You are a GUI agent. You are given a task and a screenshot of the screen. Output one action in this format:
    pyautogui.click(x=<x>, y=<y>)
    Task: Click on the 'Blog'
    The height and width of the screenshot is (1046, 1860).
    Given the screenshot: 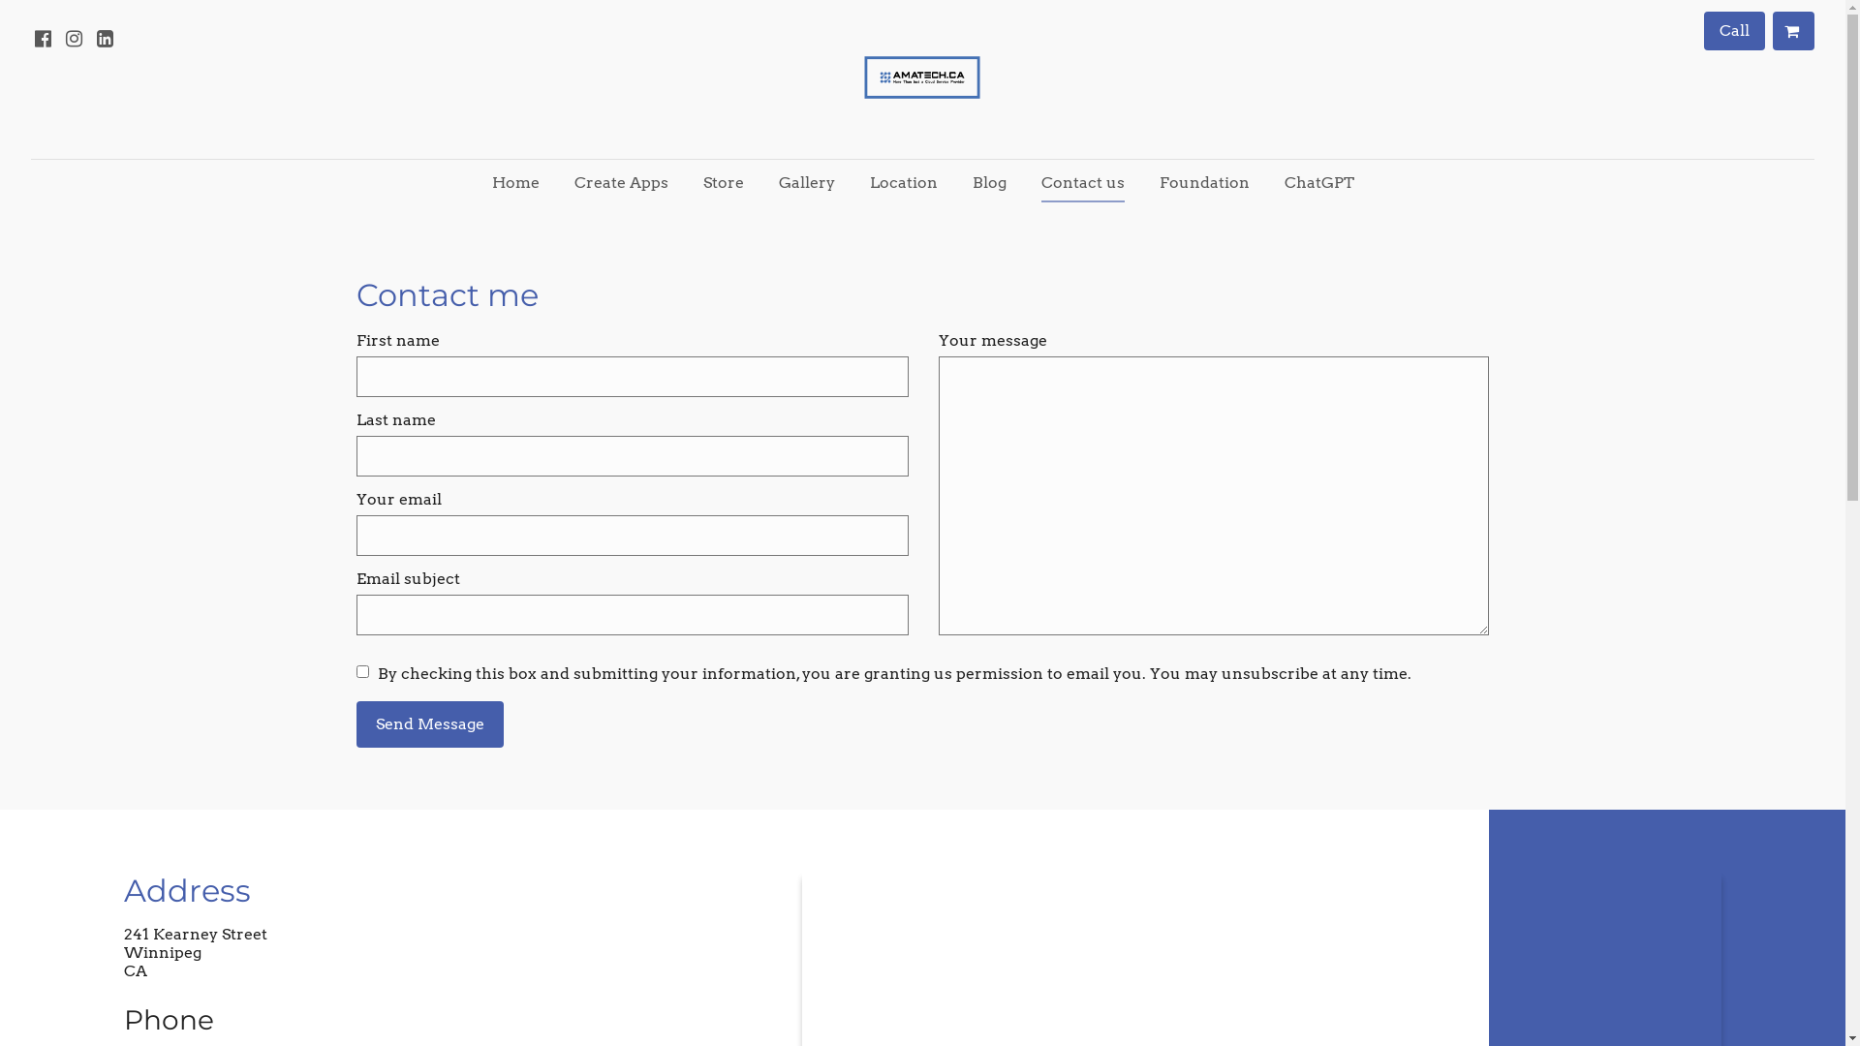 What is the action you would take?
    pyautogui.click(x=989, y=183)
    